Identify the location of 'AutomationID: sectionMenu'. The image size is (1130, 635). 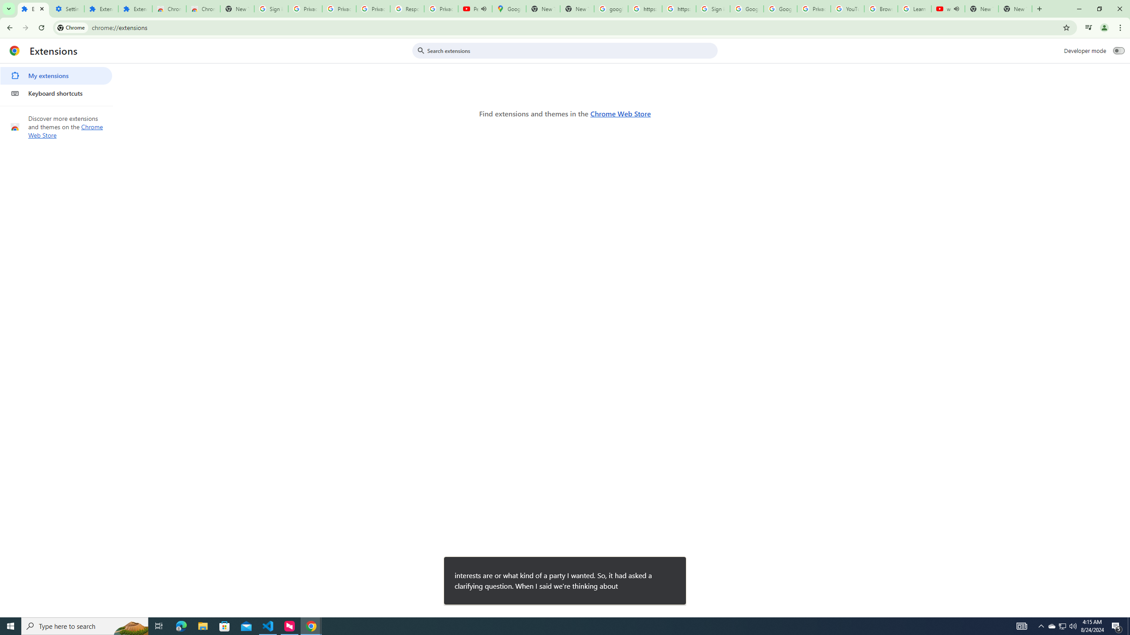
(56, 82).